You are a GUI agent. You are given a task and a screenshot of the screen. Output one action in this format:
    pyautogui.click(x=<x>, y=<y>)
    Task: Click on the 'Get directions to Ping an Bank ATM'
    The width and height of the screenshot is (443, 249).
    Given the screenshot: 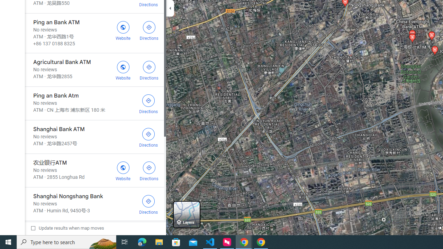 What is the action you would take?
    pyautogui.click(x=148, y=29)
    